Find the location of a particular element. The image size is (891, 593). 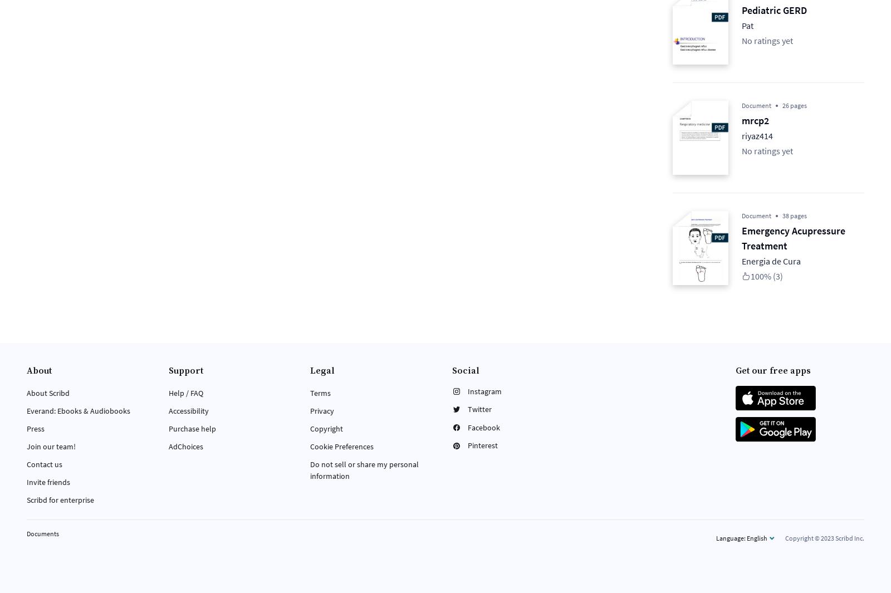

'Support' is located at coordinates (185, 371).